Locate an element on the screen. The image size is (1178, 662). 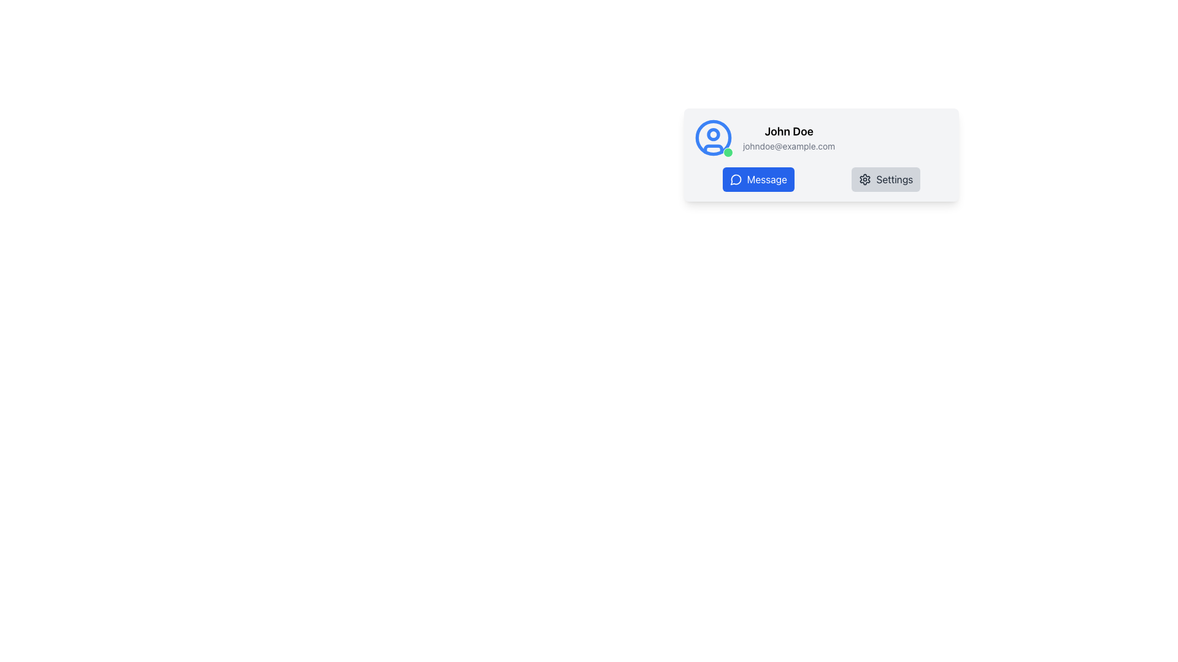
the user avatar with badge located at the left end of the layout containing the username 'John Doe' and email 'johndoe@example.com' is located at coordinates (713, 137).